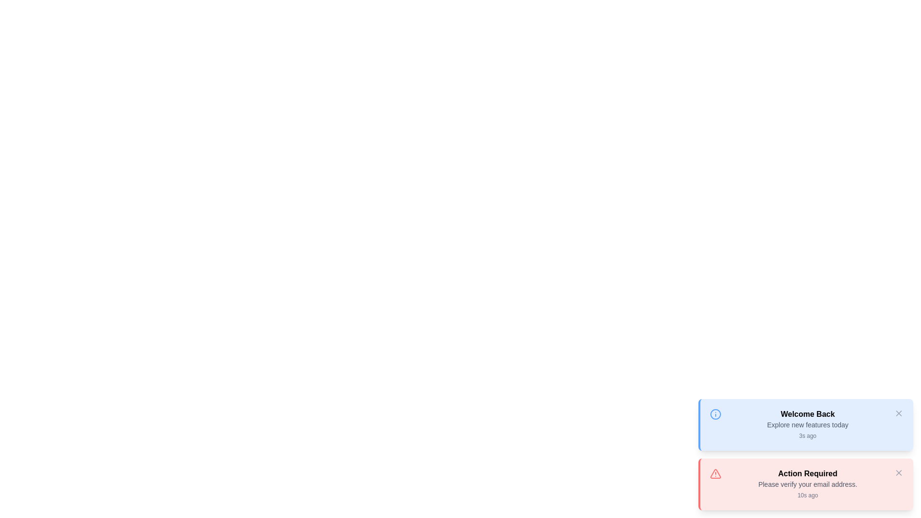 The height and width of the screenshot is (518, 921). Describe the element at coordinates (898, 472) in the screenshot. I see `close button of the snackbar with the title Action Required` at that location.